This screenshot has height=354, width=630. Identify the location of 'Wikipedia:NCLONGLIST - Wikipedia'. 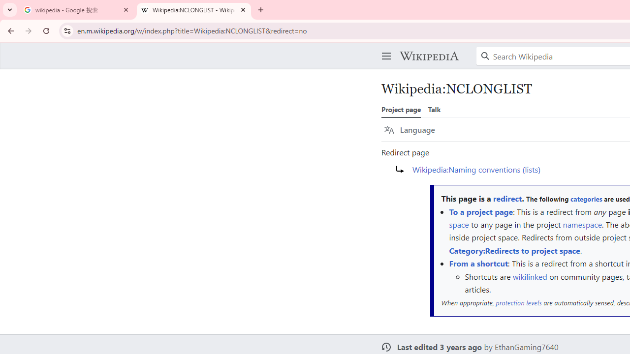
(194, 10).